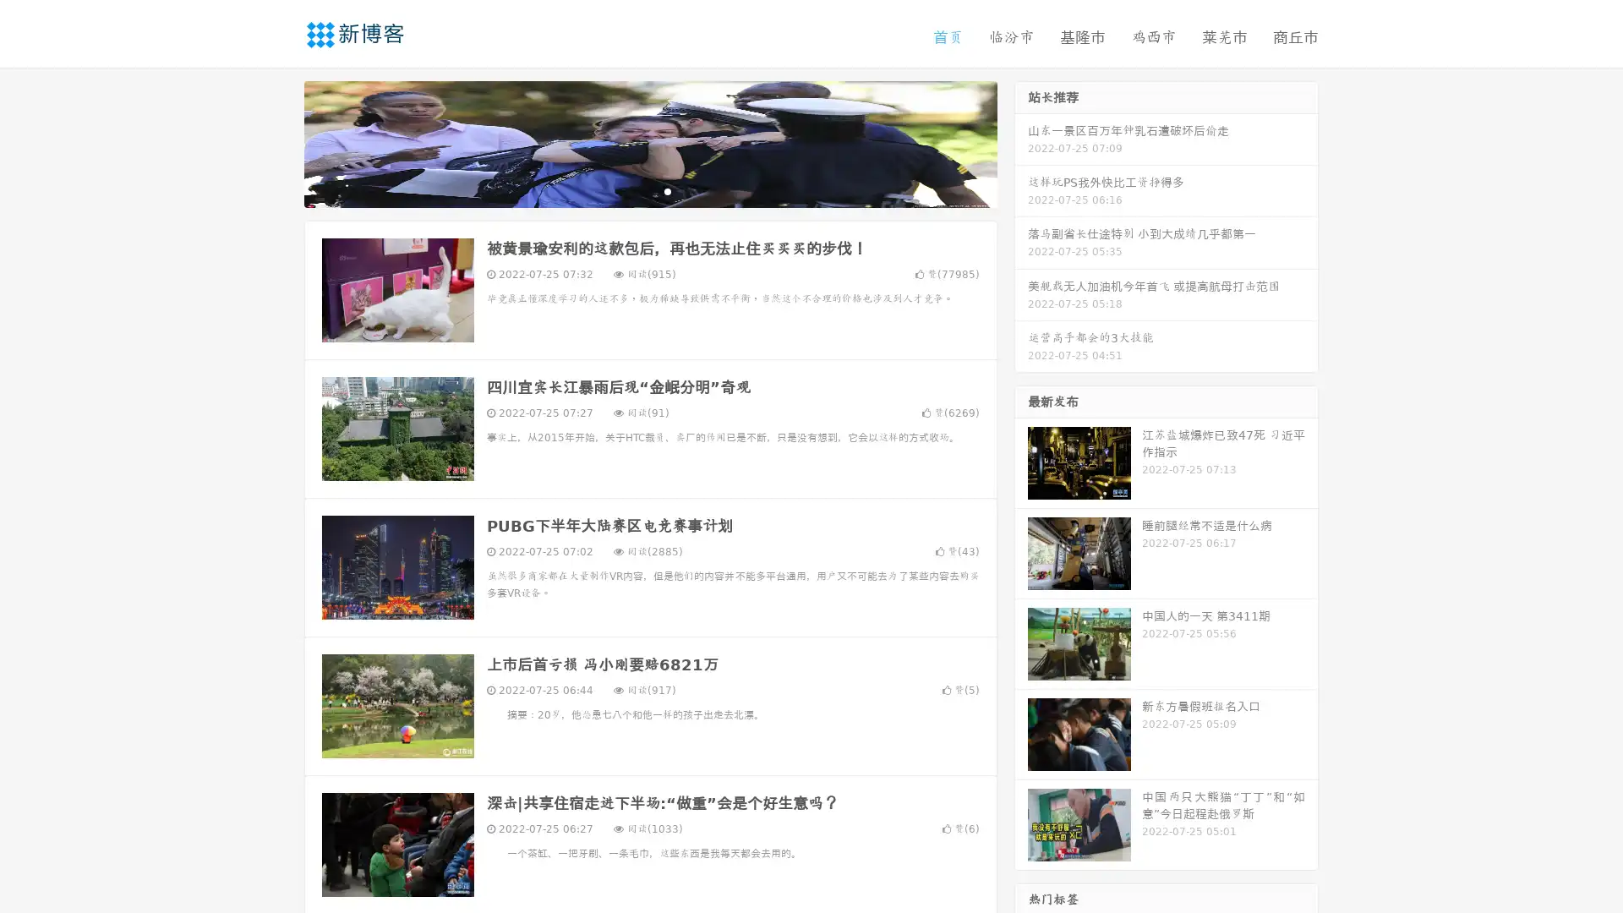  I want to click on Go to slide 2, so click(649, 190).